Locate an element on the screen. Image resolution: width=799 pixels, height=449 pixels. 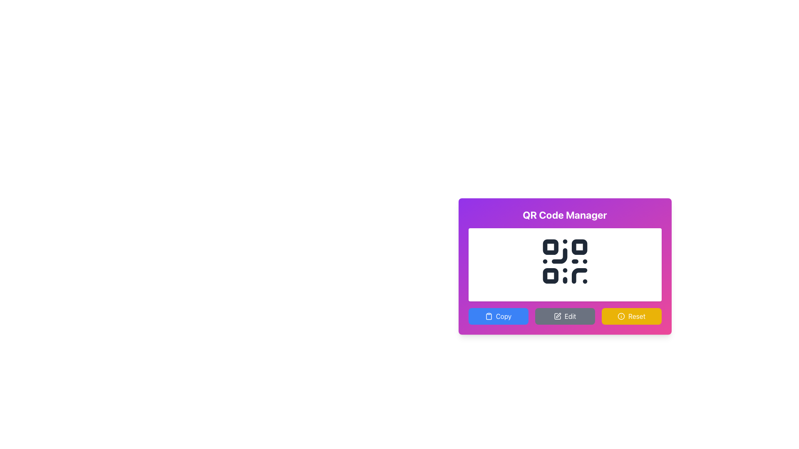
the clipboard icon in the 'QR Code Manager' interface is located at coordinates (489, 316).